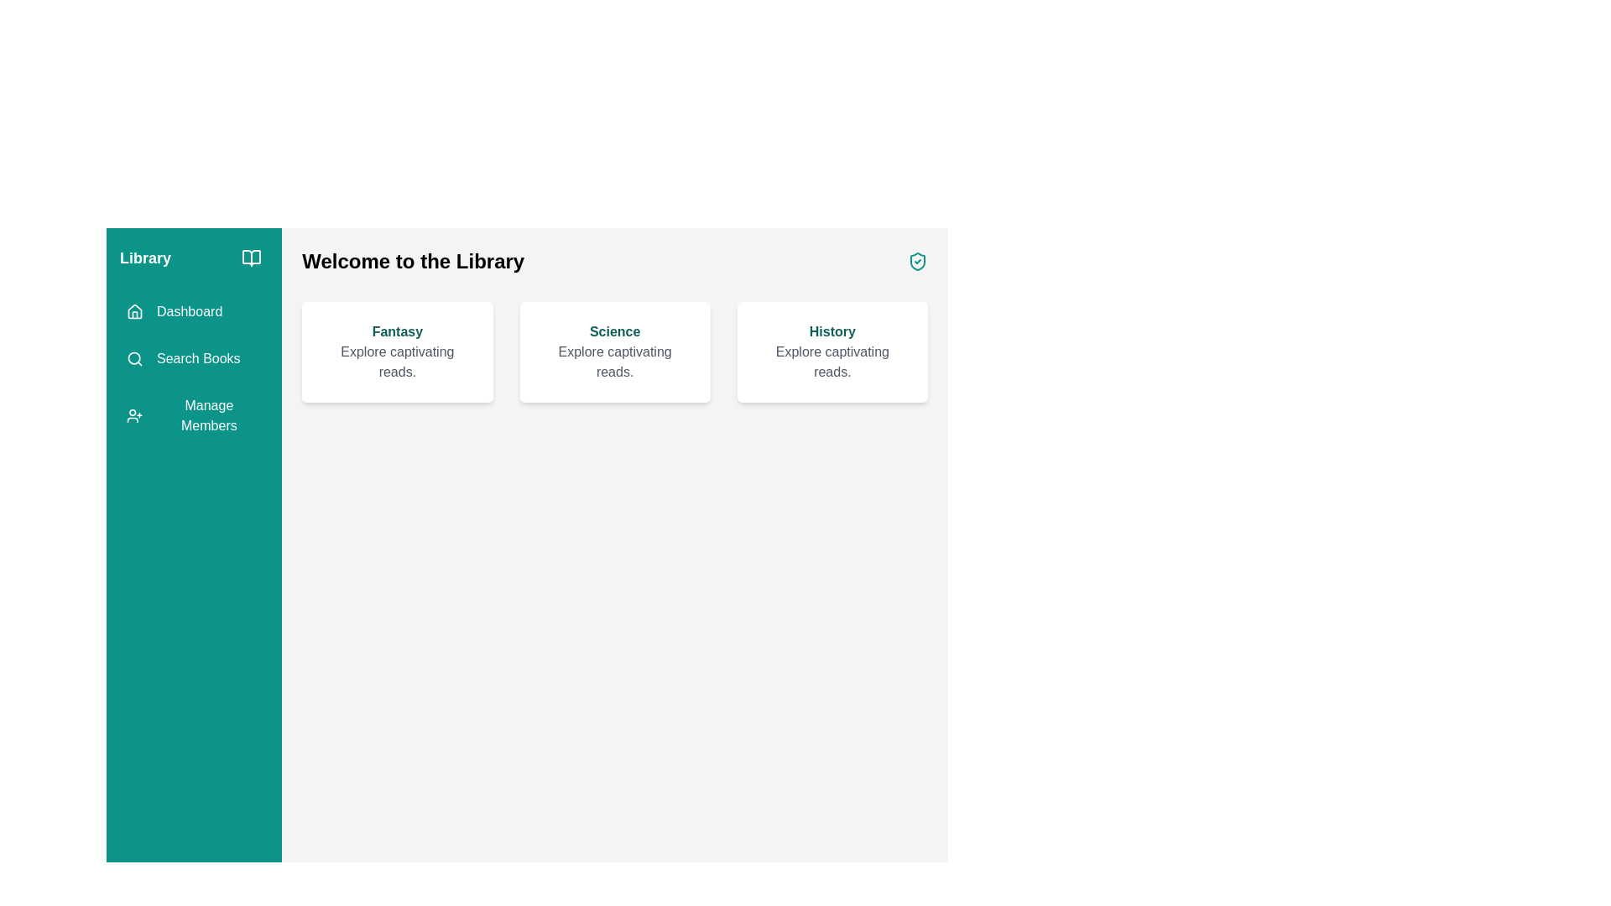  I want to click on the 'Search Books' label in the Sidebar menu, so click(194, 367).